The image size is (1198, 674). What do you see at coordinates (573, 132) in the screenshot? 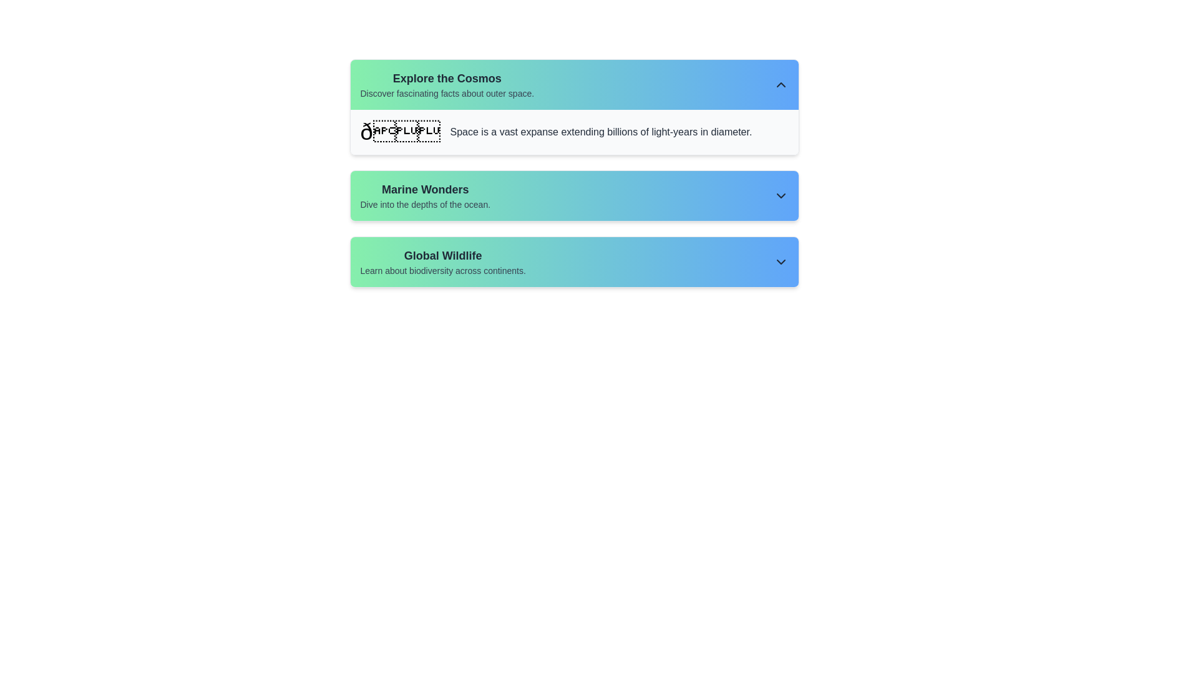
I see `the informational text element that includes a globe emoji and the description 'Space is a vast expanse extending billions of light-years in diameter.'` at bounding box center [573, 132].